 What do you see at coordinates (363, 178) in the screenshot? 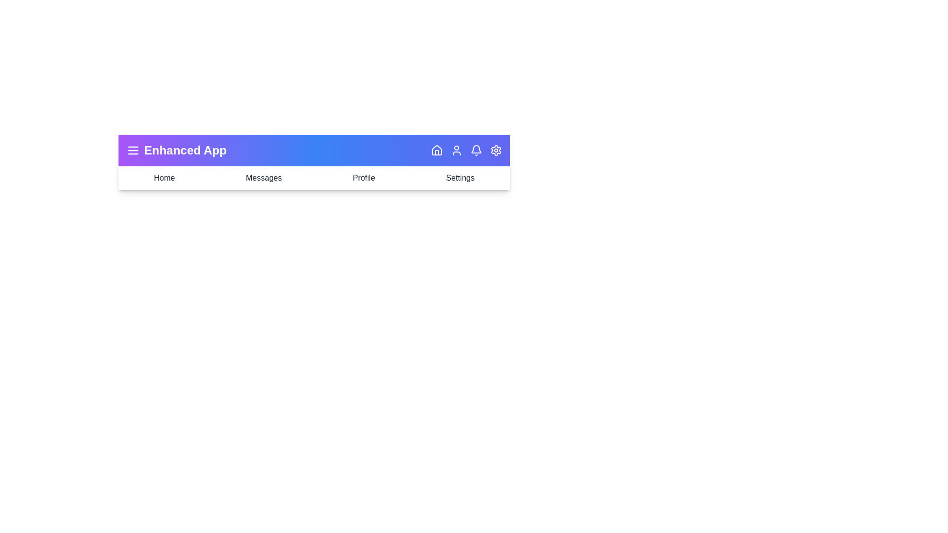
I see `the navigation item Profile to see its hover effect` at bounding box center [363, 178].